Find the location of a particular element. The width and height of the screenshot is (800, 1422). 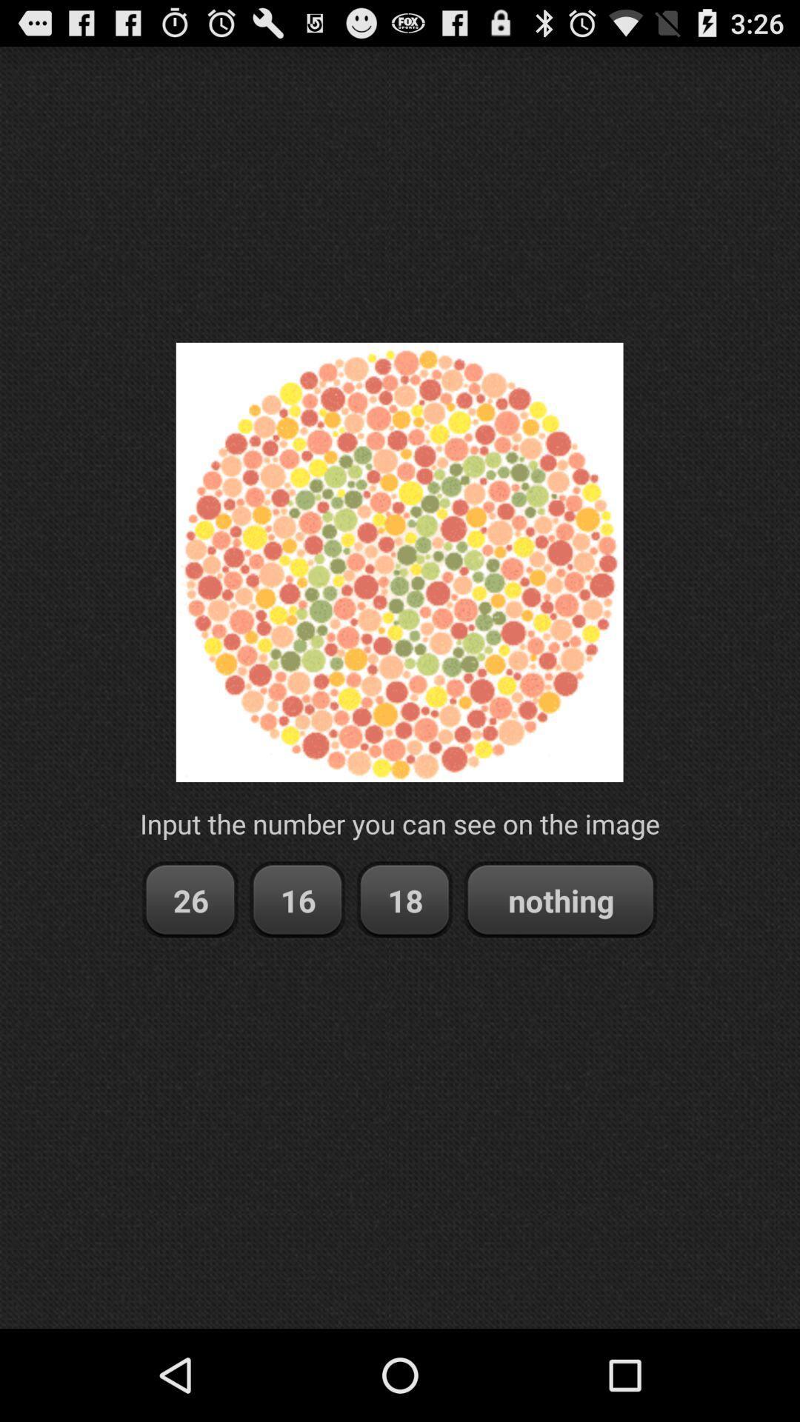

26 item is located at coordinates (189, 899).